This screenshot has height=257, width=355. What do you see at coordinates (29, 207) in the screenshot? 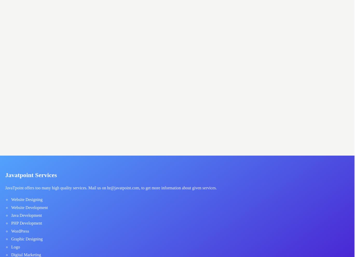
I see `'Website Development'` at bounding box center [29, 207].